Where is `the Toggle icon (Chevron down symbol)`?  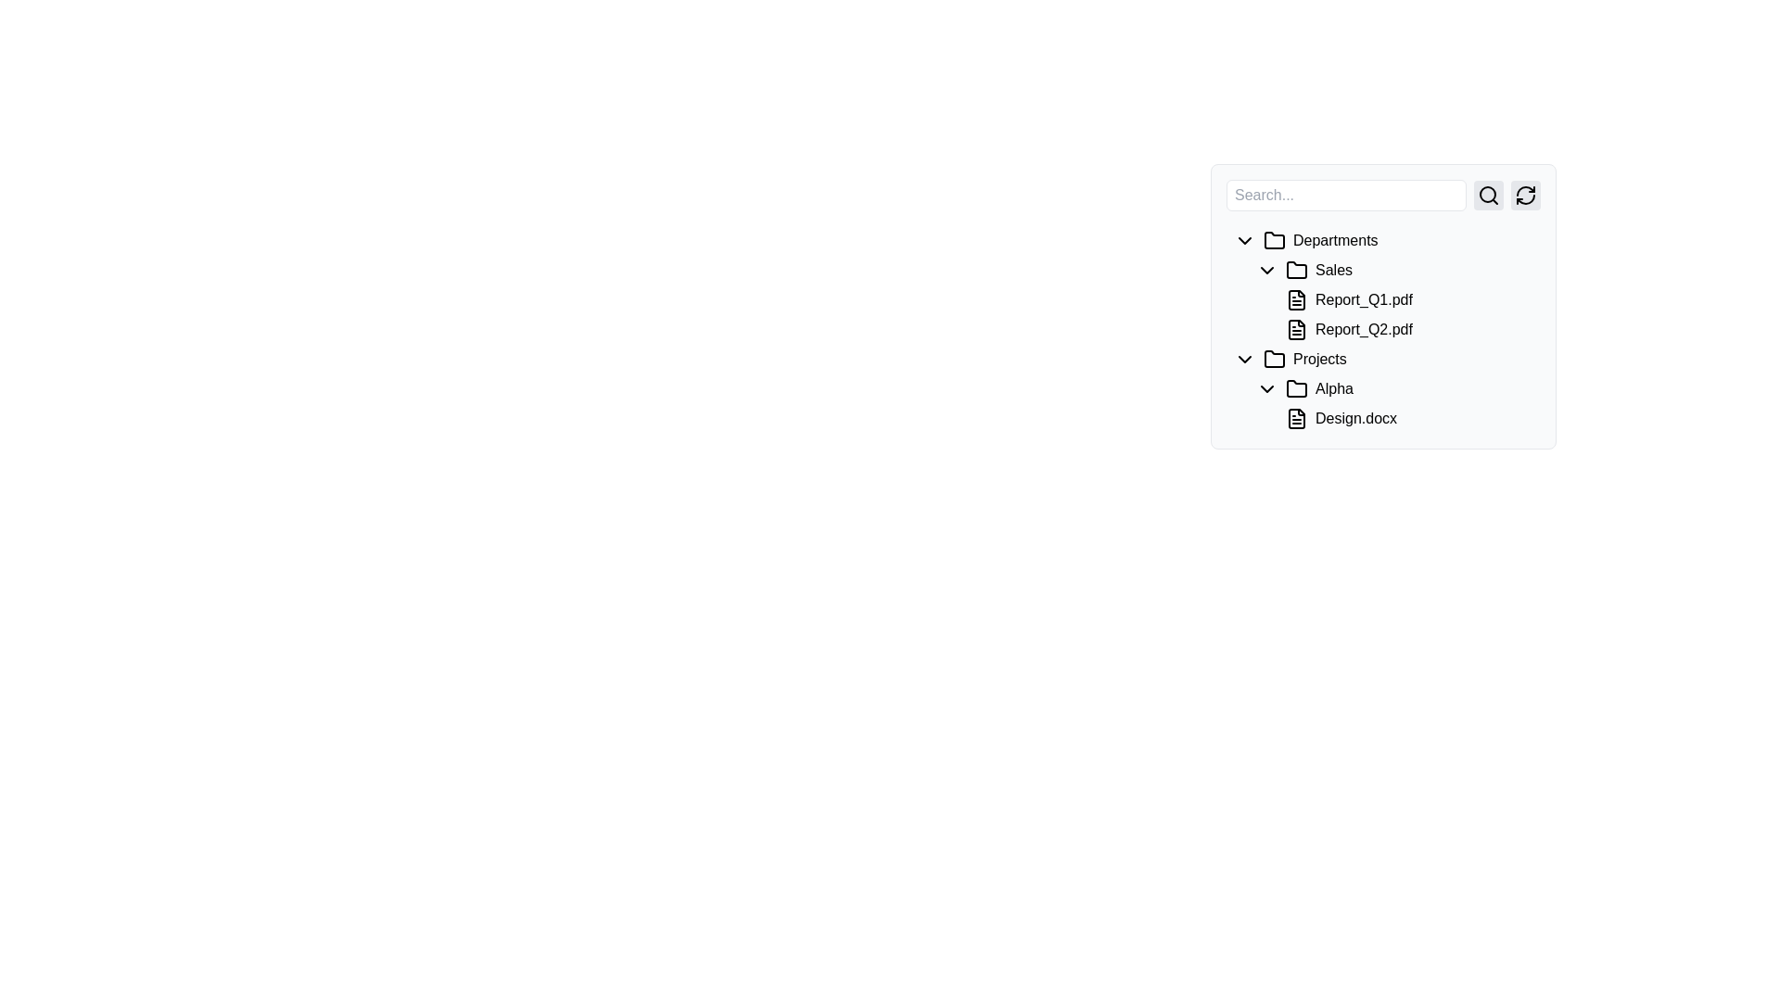 the Toggle icon (Chevron down symbol) is located at coordinates (1266, 388).